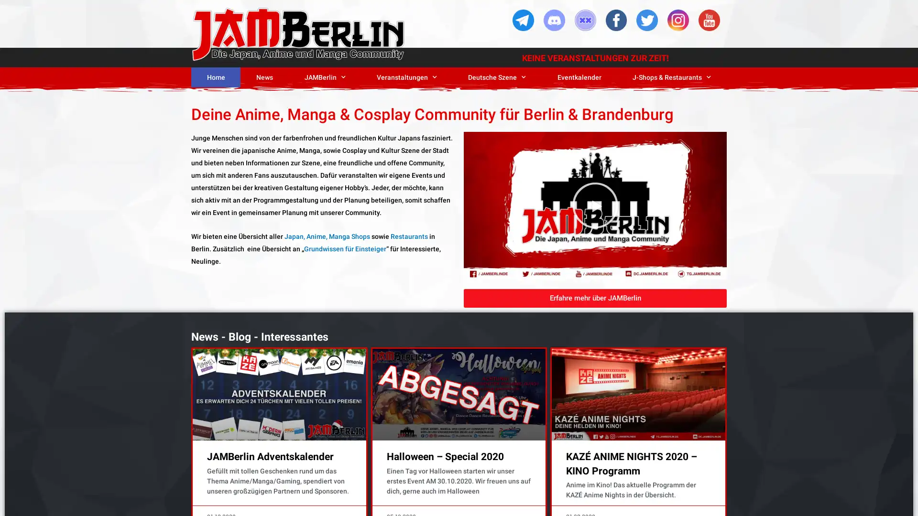 The width and height of the screenshot is (918, 516). I want to click on mute, so click(669, 239).